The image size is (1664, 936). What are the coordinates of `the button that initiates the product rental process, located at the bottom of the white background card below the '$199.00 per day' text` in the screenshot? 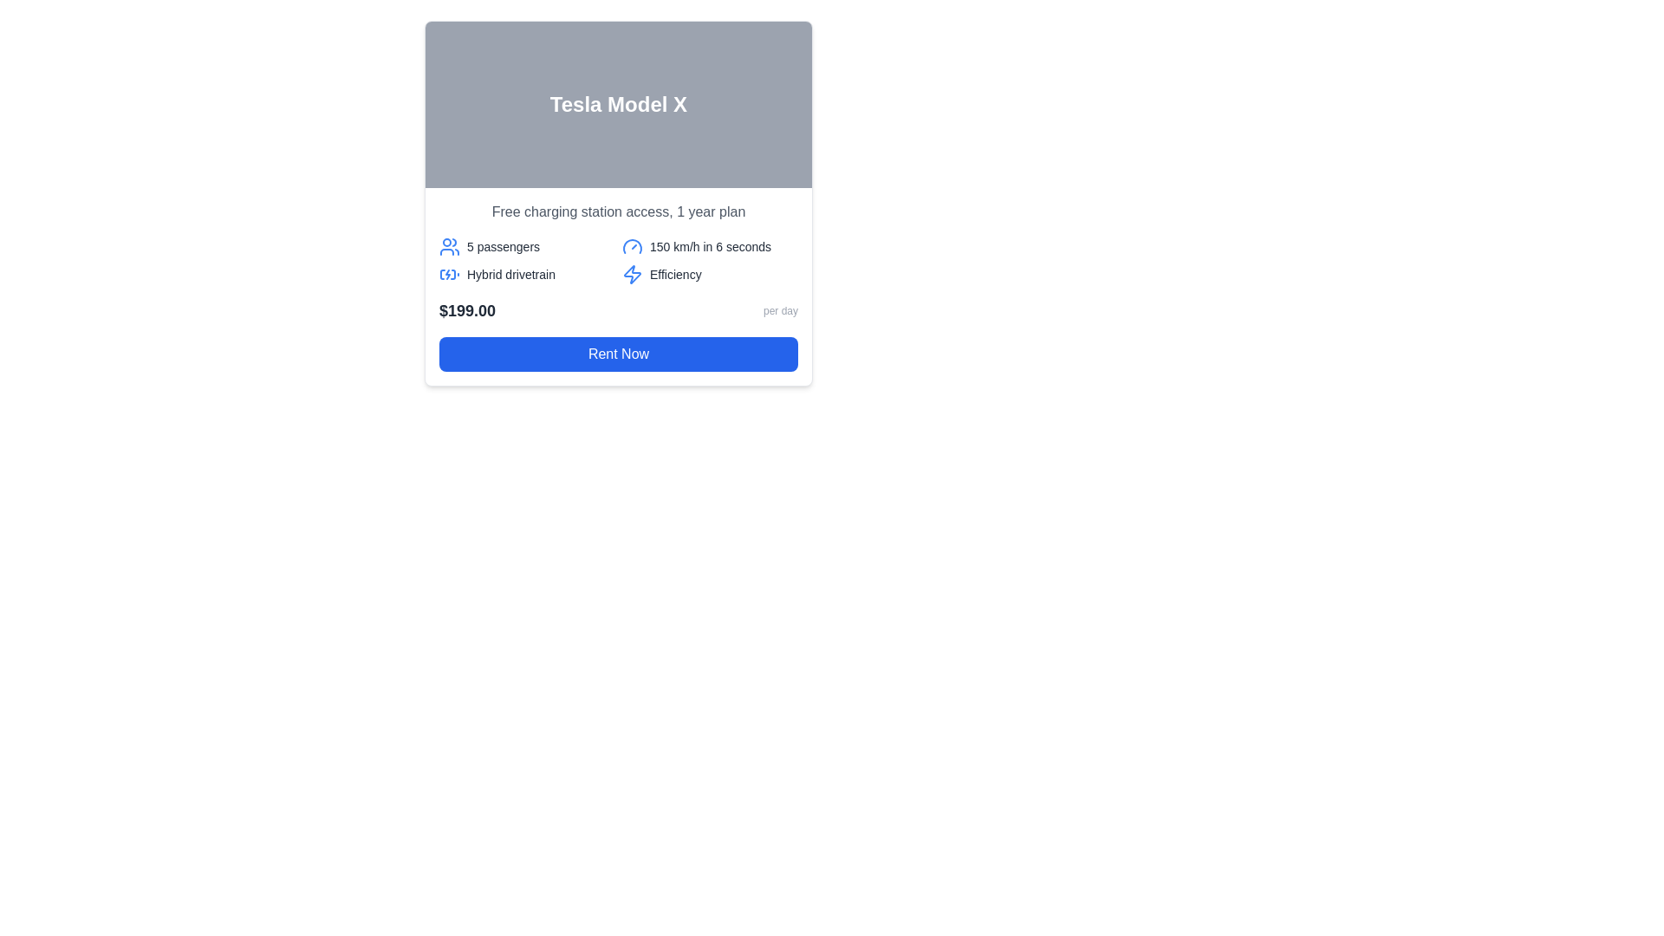 It's located at (619, 353).